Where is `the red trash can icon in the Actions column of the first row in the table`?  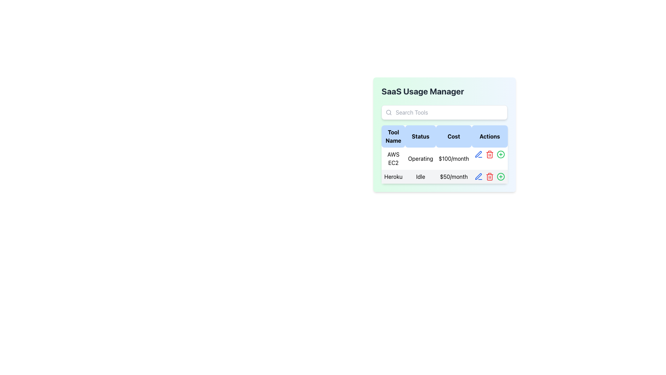 the red trash can icon in the Actions column of the first row in the table is located at coordinates (489, 154).